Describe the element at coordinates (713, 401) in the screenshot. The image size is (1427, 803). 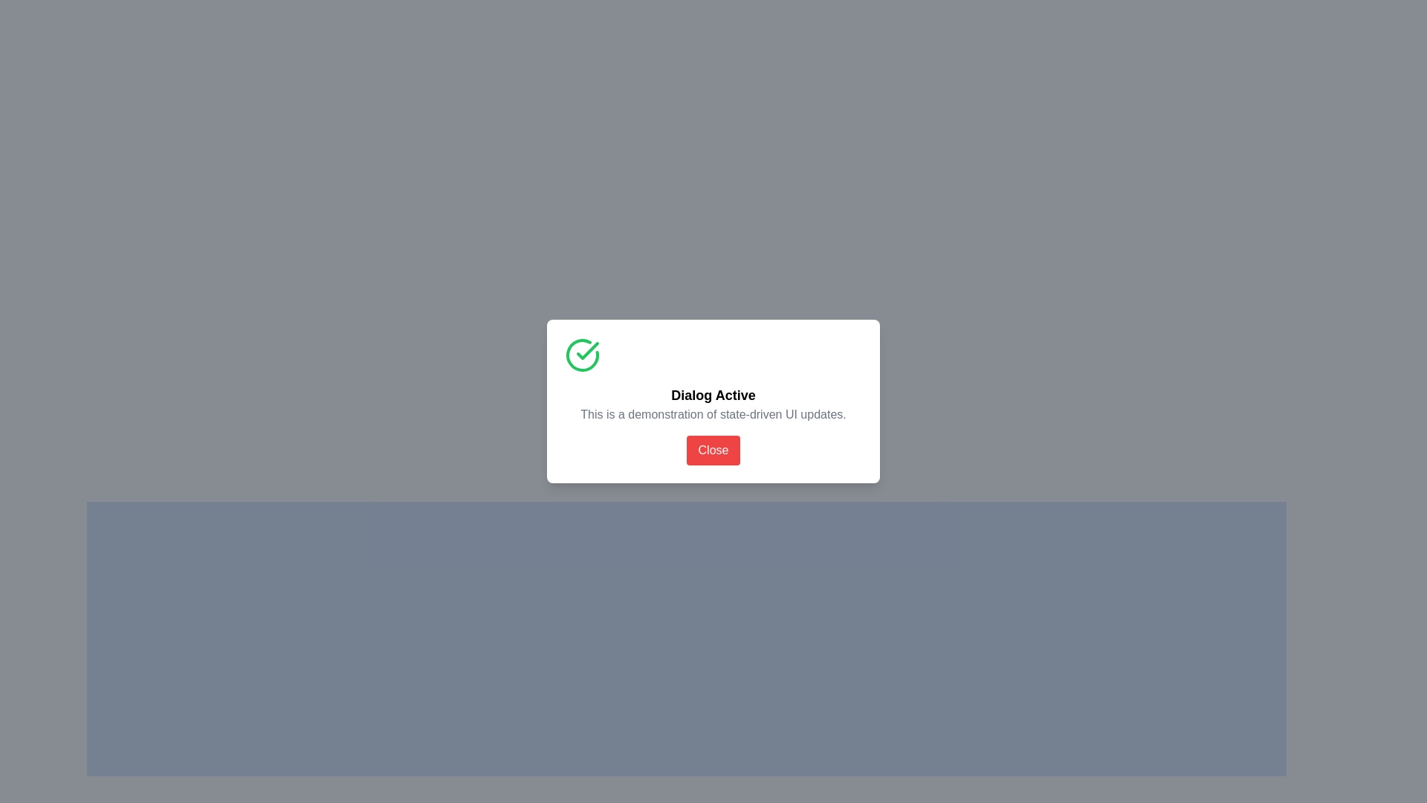
I see `the modal dialog box that provides contextual information, using accessibility tools` at that location.